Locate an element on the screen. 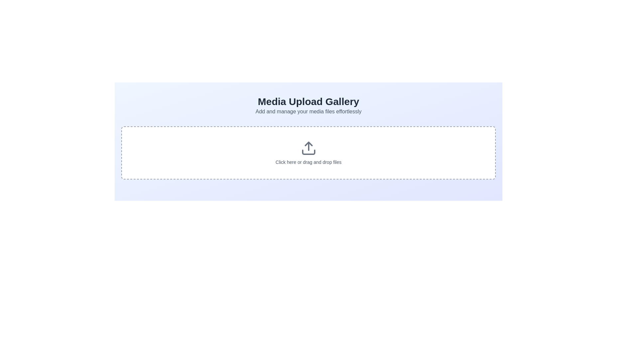 The height and width of the screenshot is (359, 638). the decorative graphical element that forms the bottom horizontal segment of the upload icon, which is the third component in the icon structure is located at coordinates (308, 152).